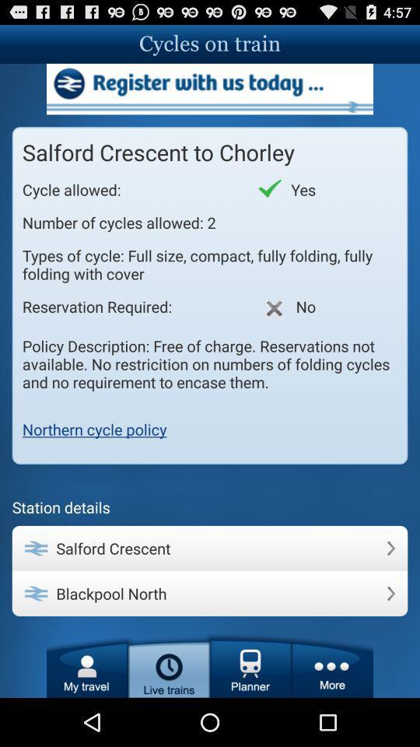 The image size is (420, 747). Describe the element at coordinates (210, 89) in the screenshot. I see `advertisement` at that location.